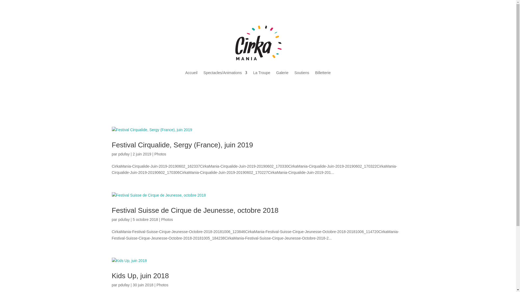 The image size is (520, 292). What do you see at coordinates (203, 72) in the screenshot?
I see `'Spectacles/Animations'` at bounding box center [203, 72].